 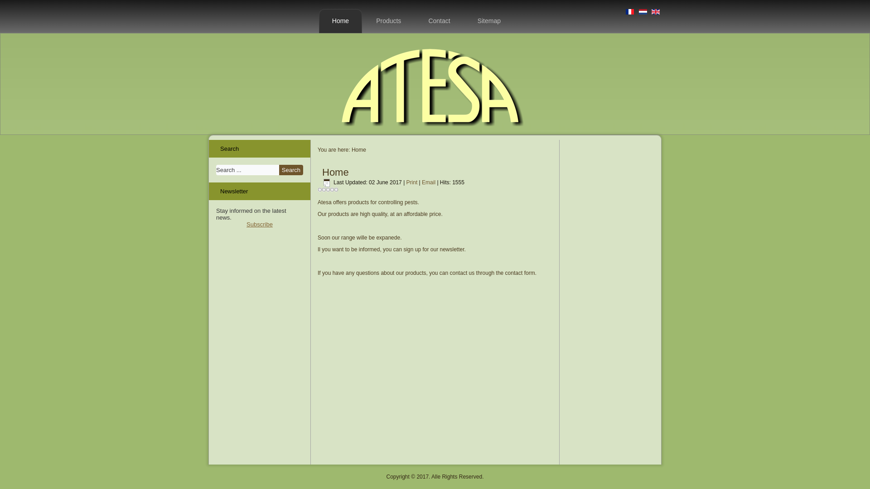 I want to click on 'Search', so click(x=291, y=170).